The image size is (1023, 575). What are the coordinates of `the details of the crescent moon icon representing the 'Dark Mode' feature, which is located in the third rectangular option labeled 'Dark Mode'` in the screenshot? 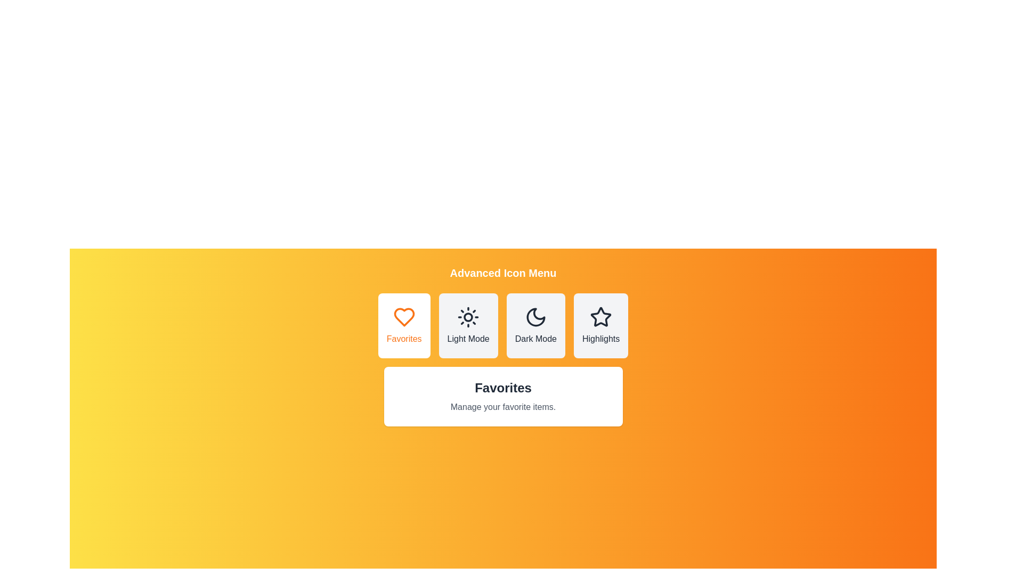 It's located at (535, 317).